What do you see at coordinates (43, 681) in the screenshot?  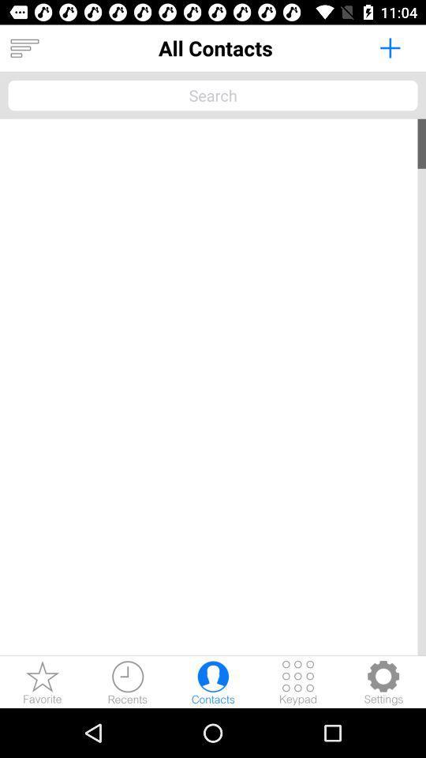 I see `the star icon` at bounding box center [43, 681].